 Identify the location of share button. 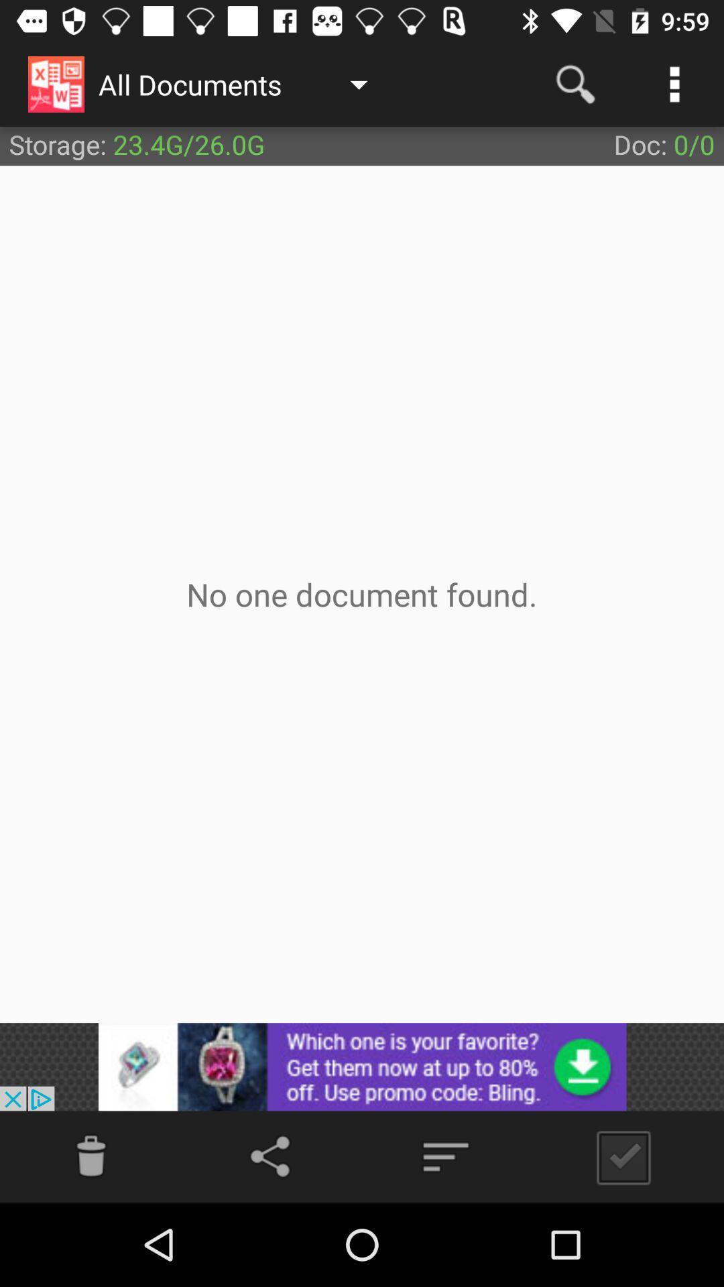
(272, 1156).